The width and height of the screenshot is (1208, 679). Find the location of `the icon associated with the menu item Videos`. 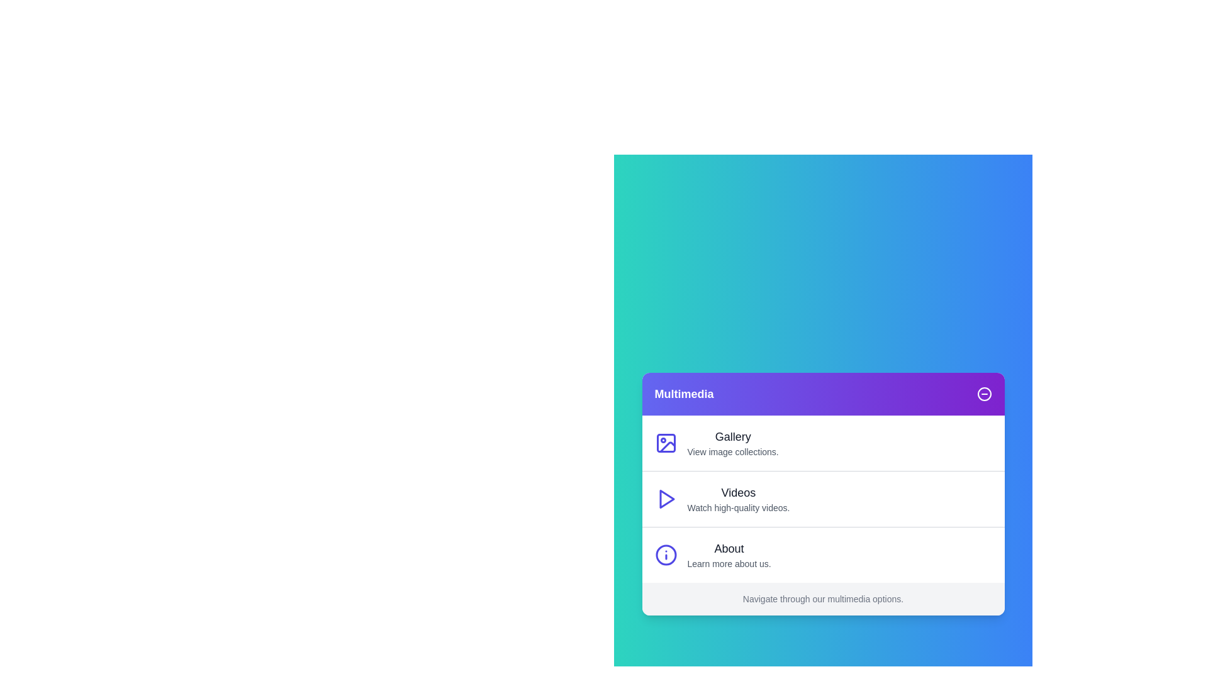

the icon associated with the menu item Videos is located at coordinates (665, 499).